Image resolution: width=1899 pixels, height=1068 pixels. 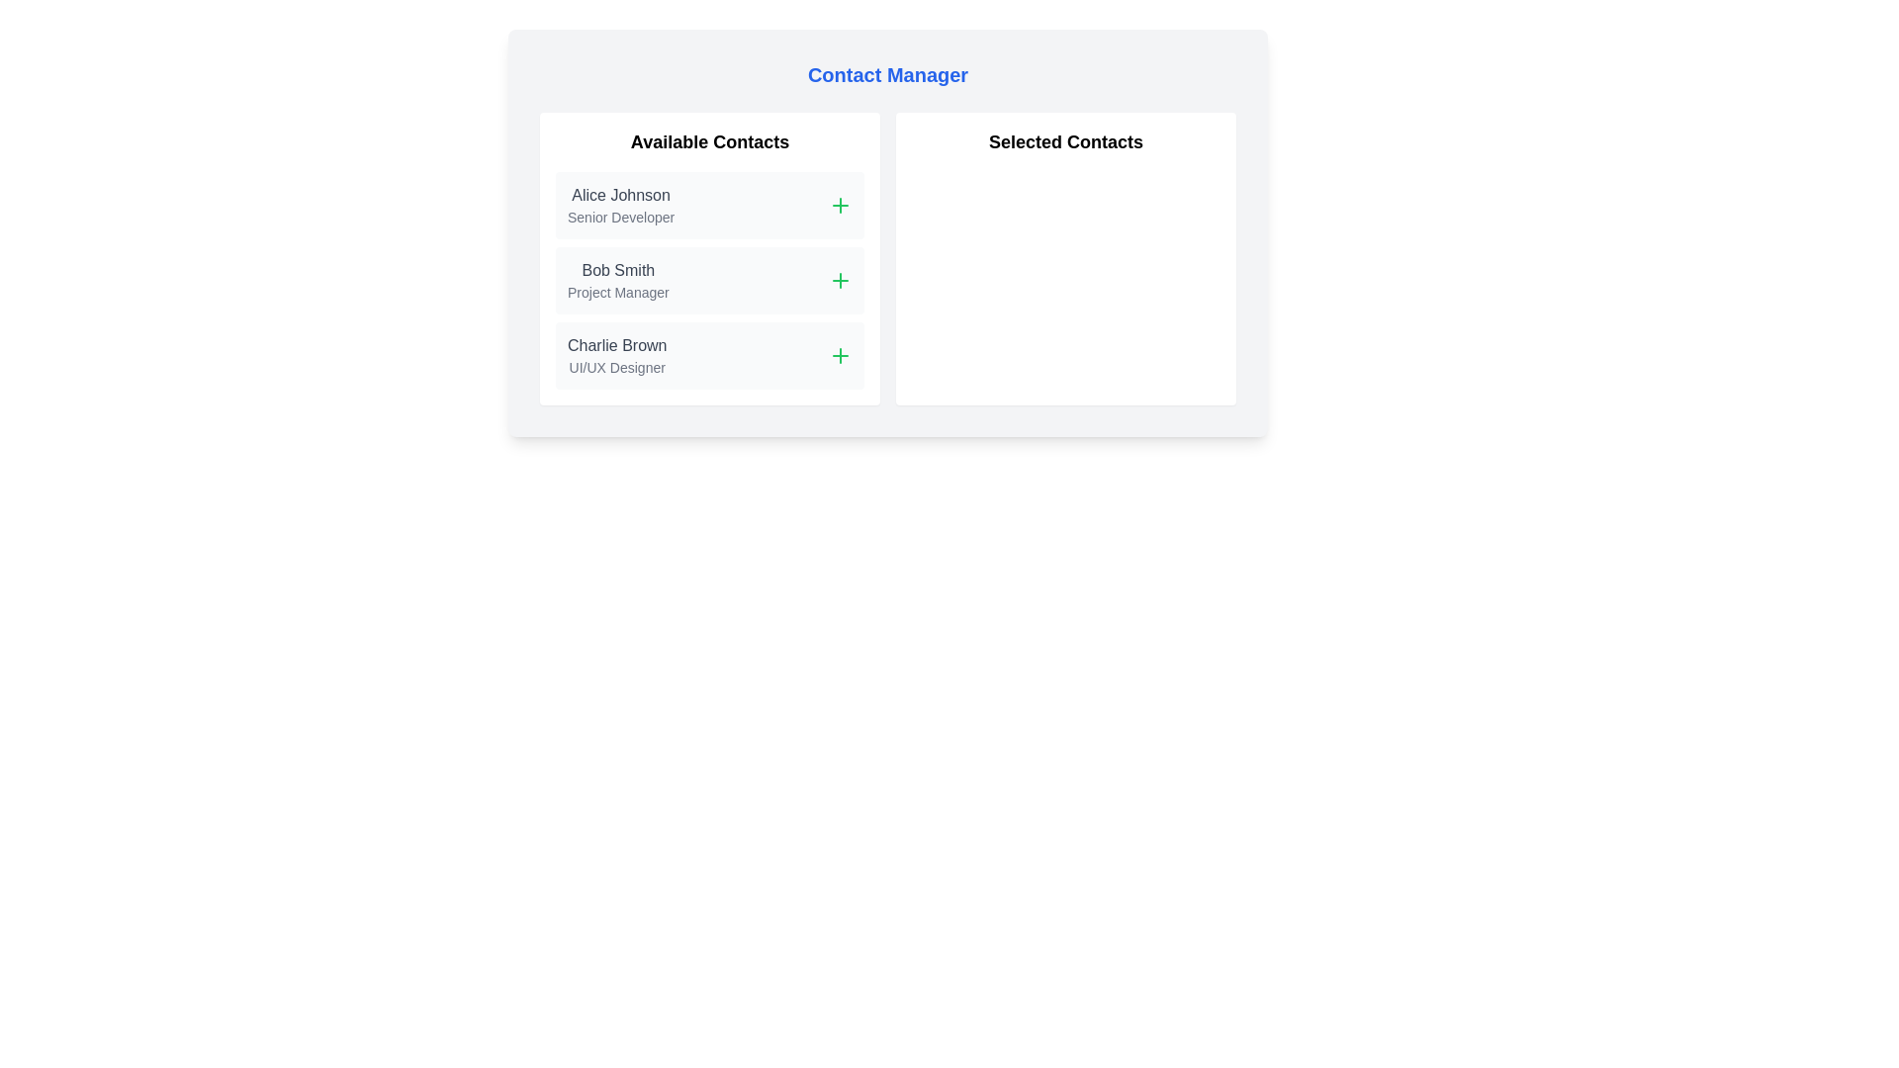 I want to click on the small green plus icon located next to the text 'Charlie Brown', so click(x=840, y=354).